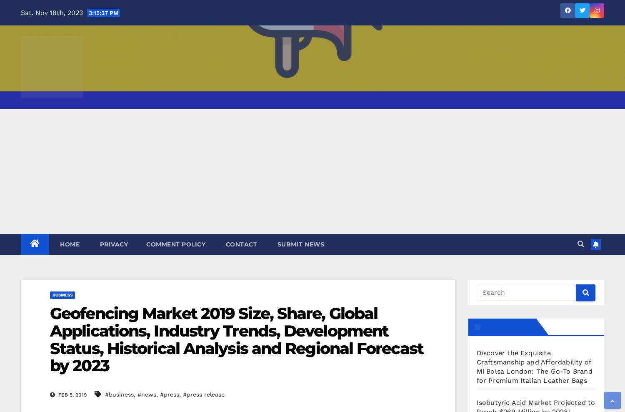 This screenshot has height=412, width=625. I want to click on 'Home', so click(69, 244).